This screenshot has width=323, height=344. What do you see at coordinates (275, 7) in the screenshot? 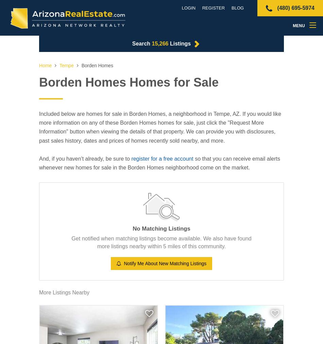
I see `'(480) 695-5974'` at bounding box center [275, 7].